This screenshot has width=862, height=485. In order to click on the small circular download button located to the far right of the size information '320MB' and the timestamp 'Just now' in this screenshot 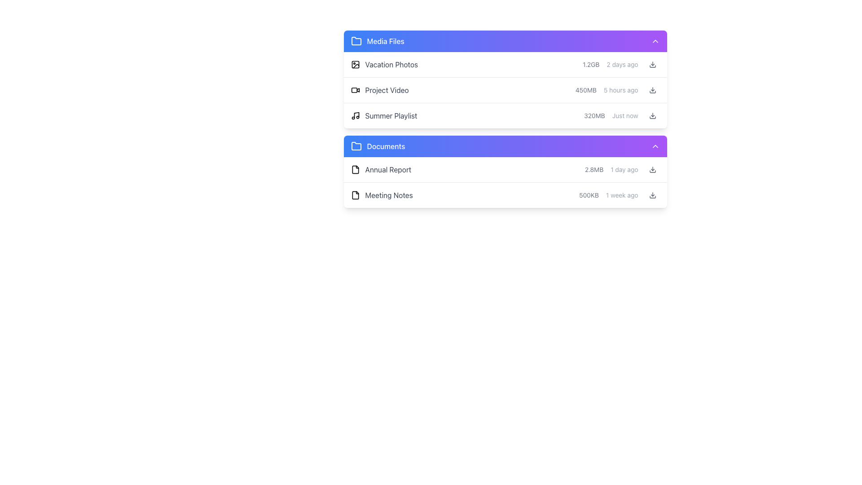, I will do `click(652, 115)`.